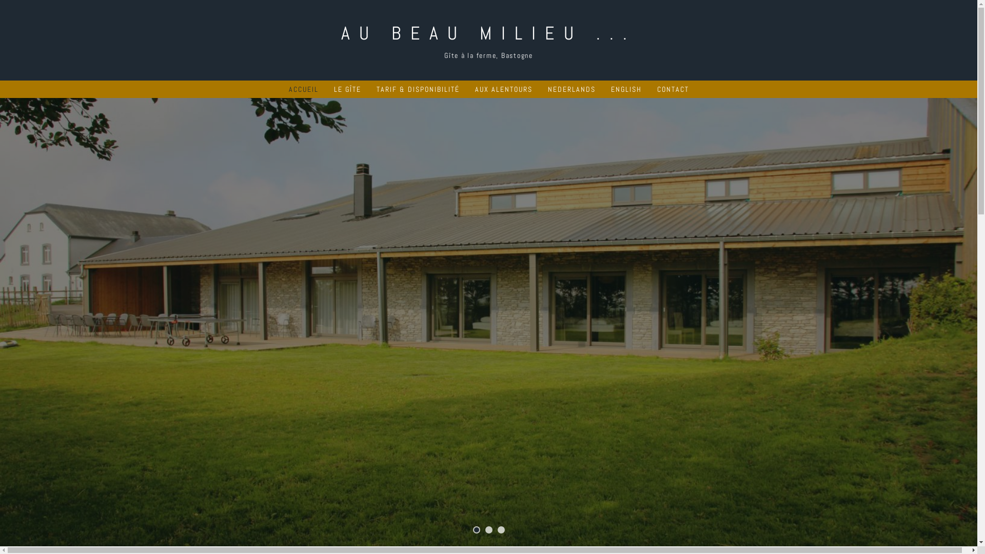 The image size is (985, 554). I want to click on 'NEDERLANDS', so click(571, 88).